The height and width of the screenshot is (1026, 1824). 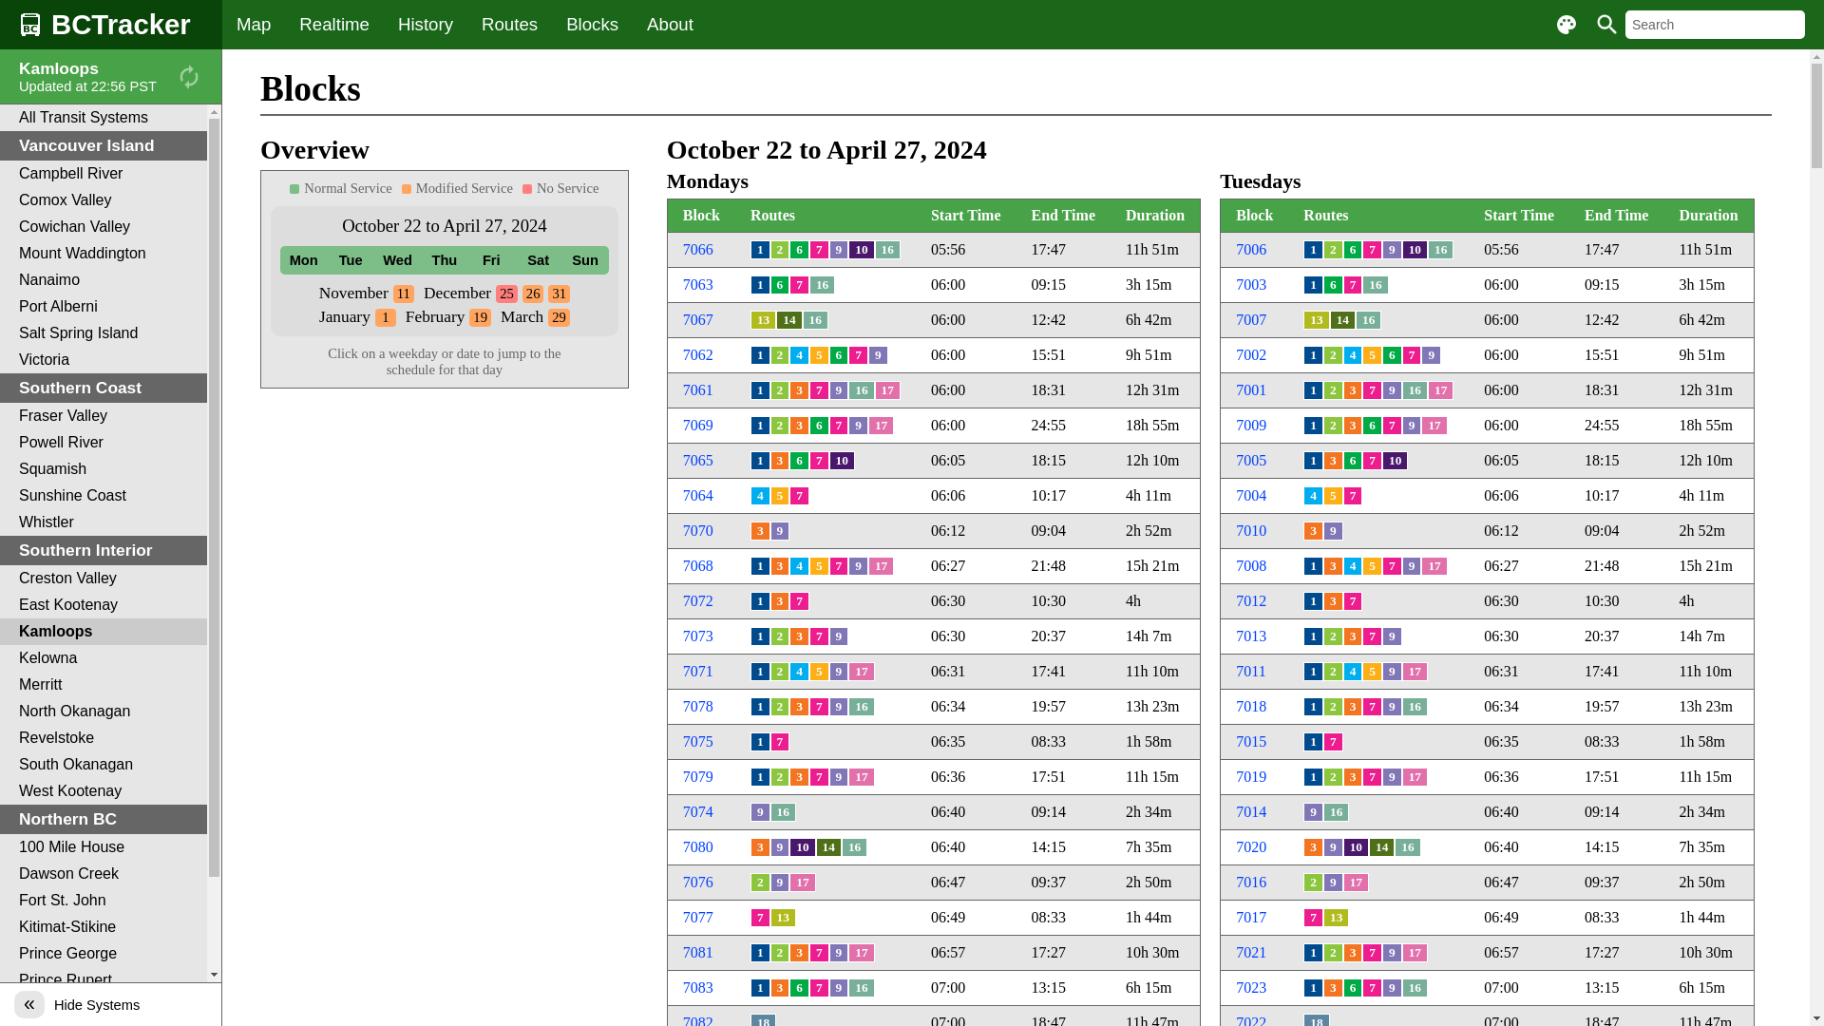 I want to click on '2', so click(x=780, y=670).